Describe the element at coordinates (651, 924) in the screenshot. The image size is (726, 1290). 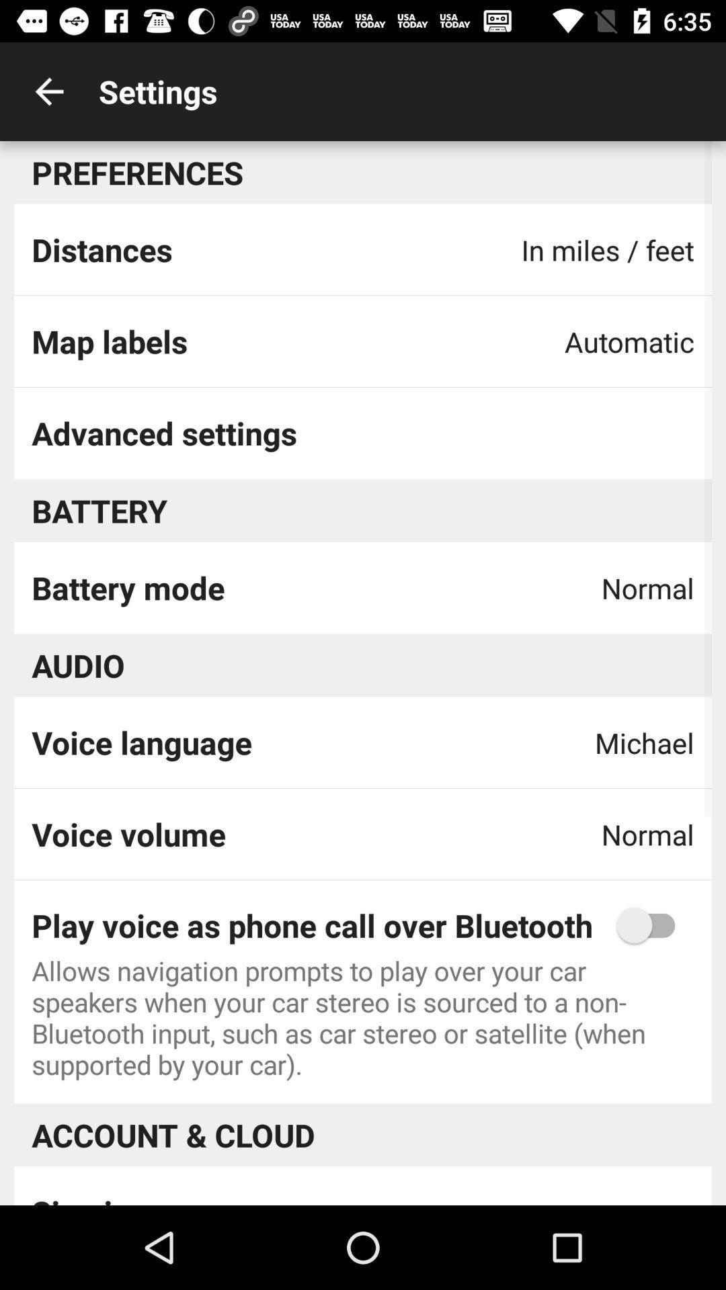
I see `autoplay icon` at that location.